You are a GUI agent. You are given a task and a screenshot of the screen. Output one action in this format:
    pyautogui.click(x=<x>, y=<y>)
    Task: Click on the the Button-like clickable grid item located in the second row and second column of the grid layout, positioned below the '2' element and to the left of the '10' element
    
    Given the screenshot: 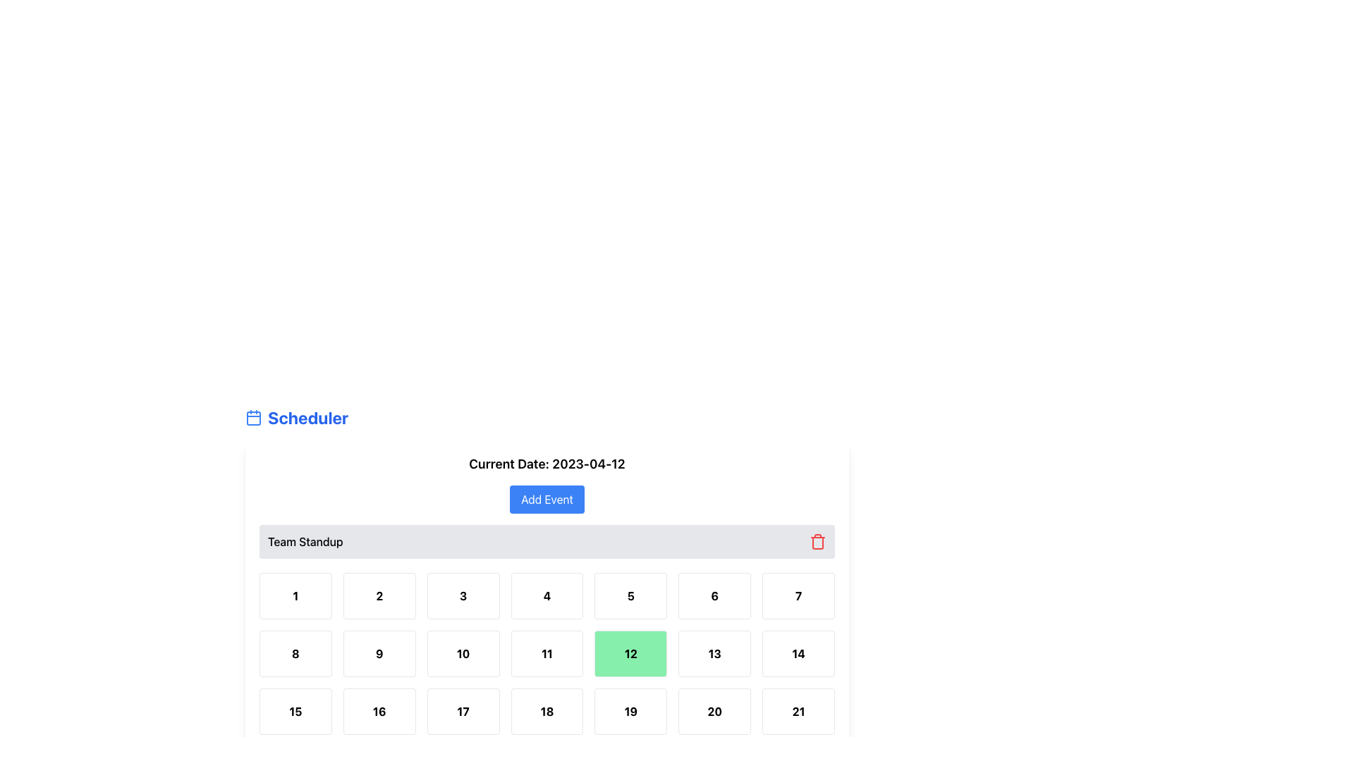 What is the action you would take?
    pyautogui.click(x=379, y=654)
    